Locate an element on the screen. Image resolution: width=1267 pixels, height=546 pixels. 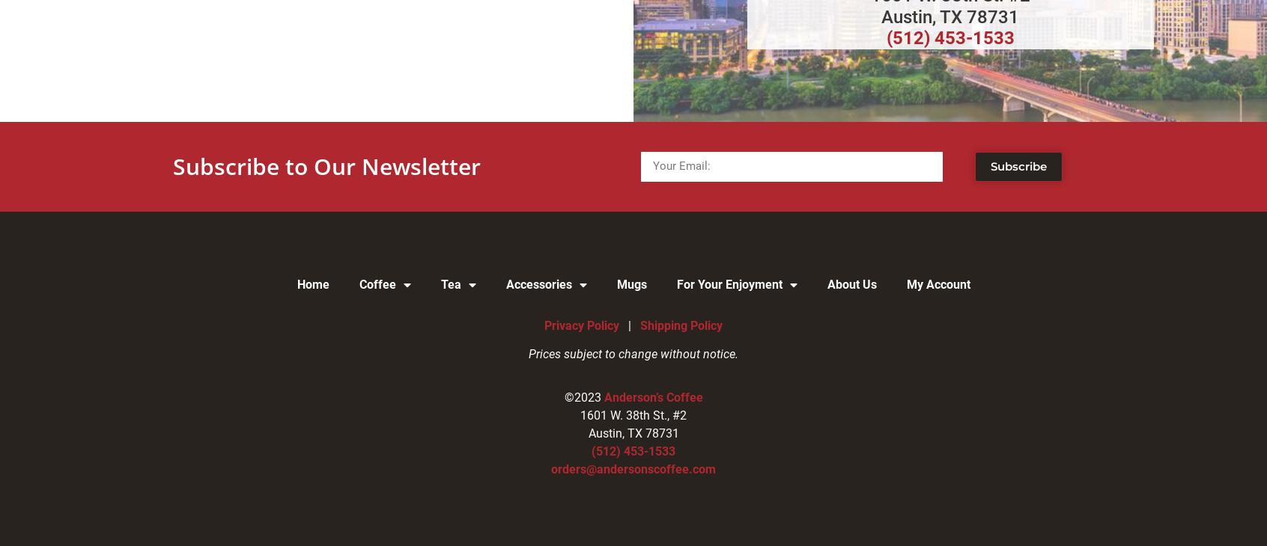
'My Account' is located at coordinates (938, 283).